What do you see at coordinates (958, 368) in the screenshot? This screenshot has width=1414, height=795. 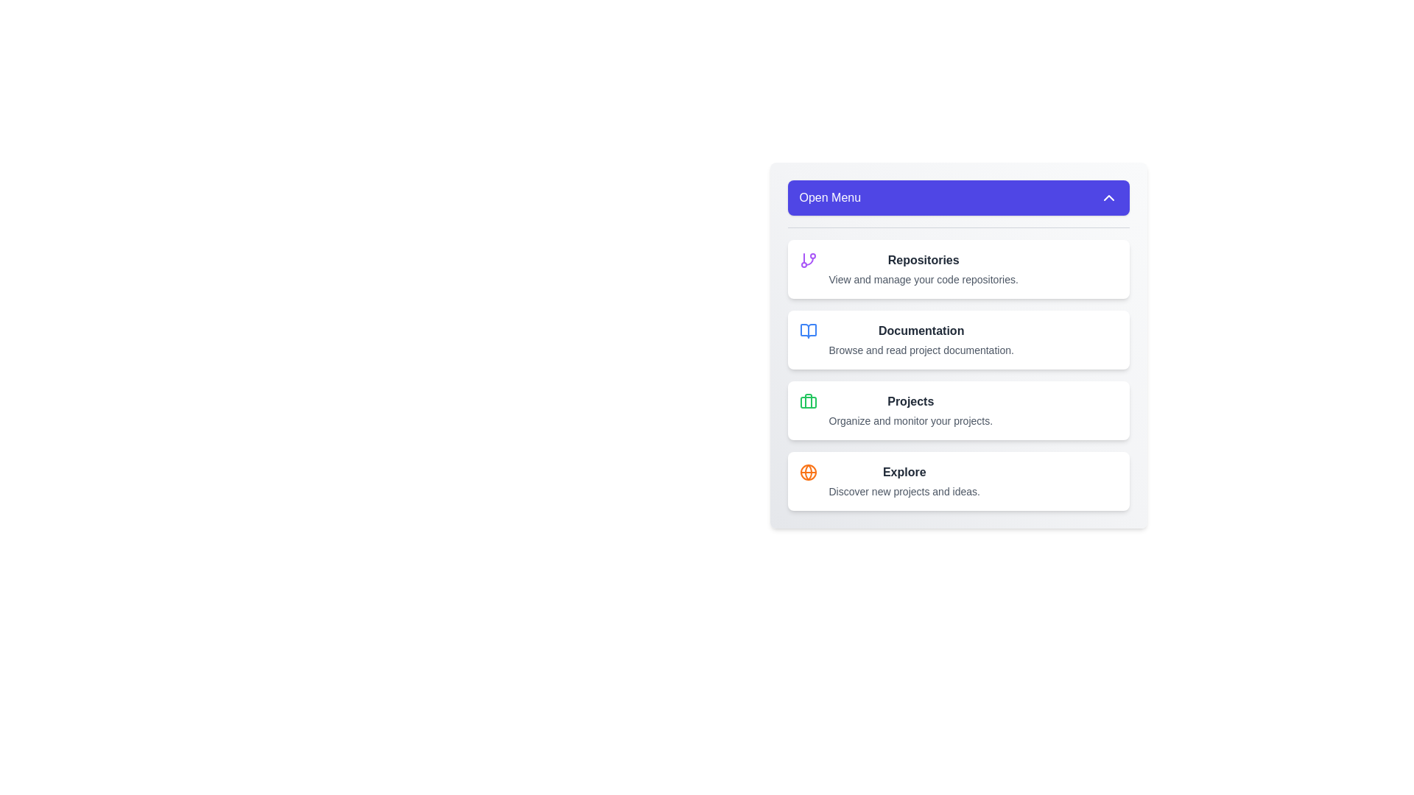 I see `the List with descriptive items located beneath the 'Open Menu' button` at bounding box center [958, 368].